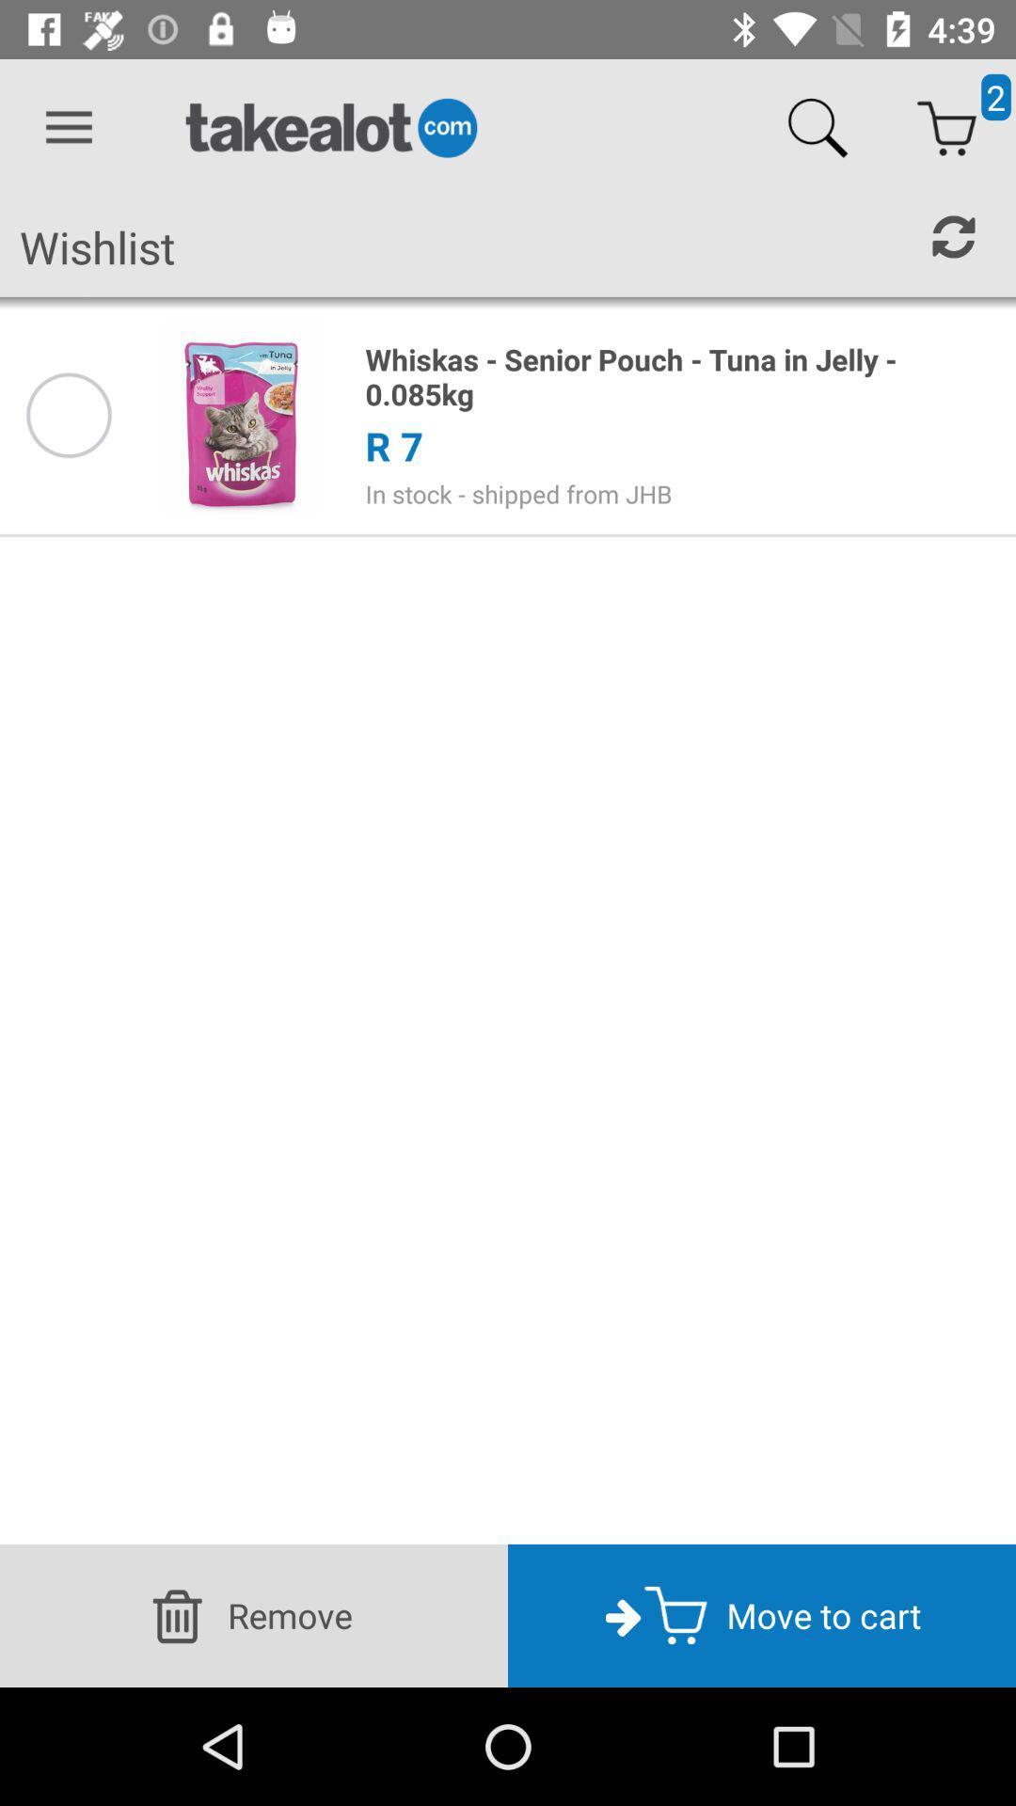 The width and height of the screenshot is (1016, 1806). Describe the element at coordinates (680, 376) in the screenshot. I see `whiskas senior pouch` at that location.